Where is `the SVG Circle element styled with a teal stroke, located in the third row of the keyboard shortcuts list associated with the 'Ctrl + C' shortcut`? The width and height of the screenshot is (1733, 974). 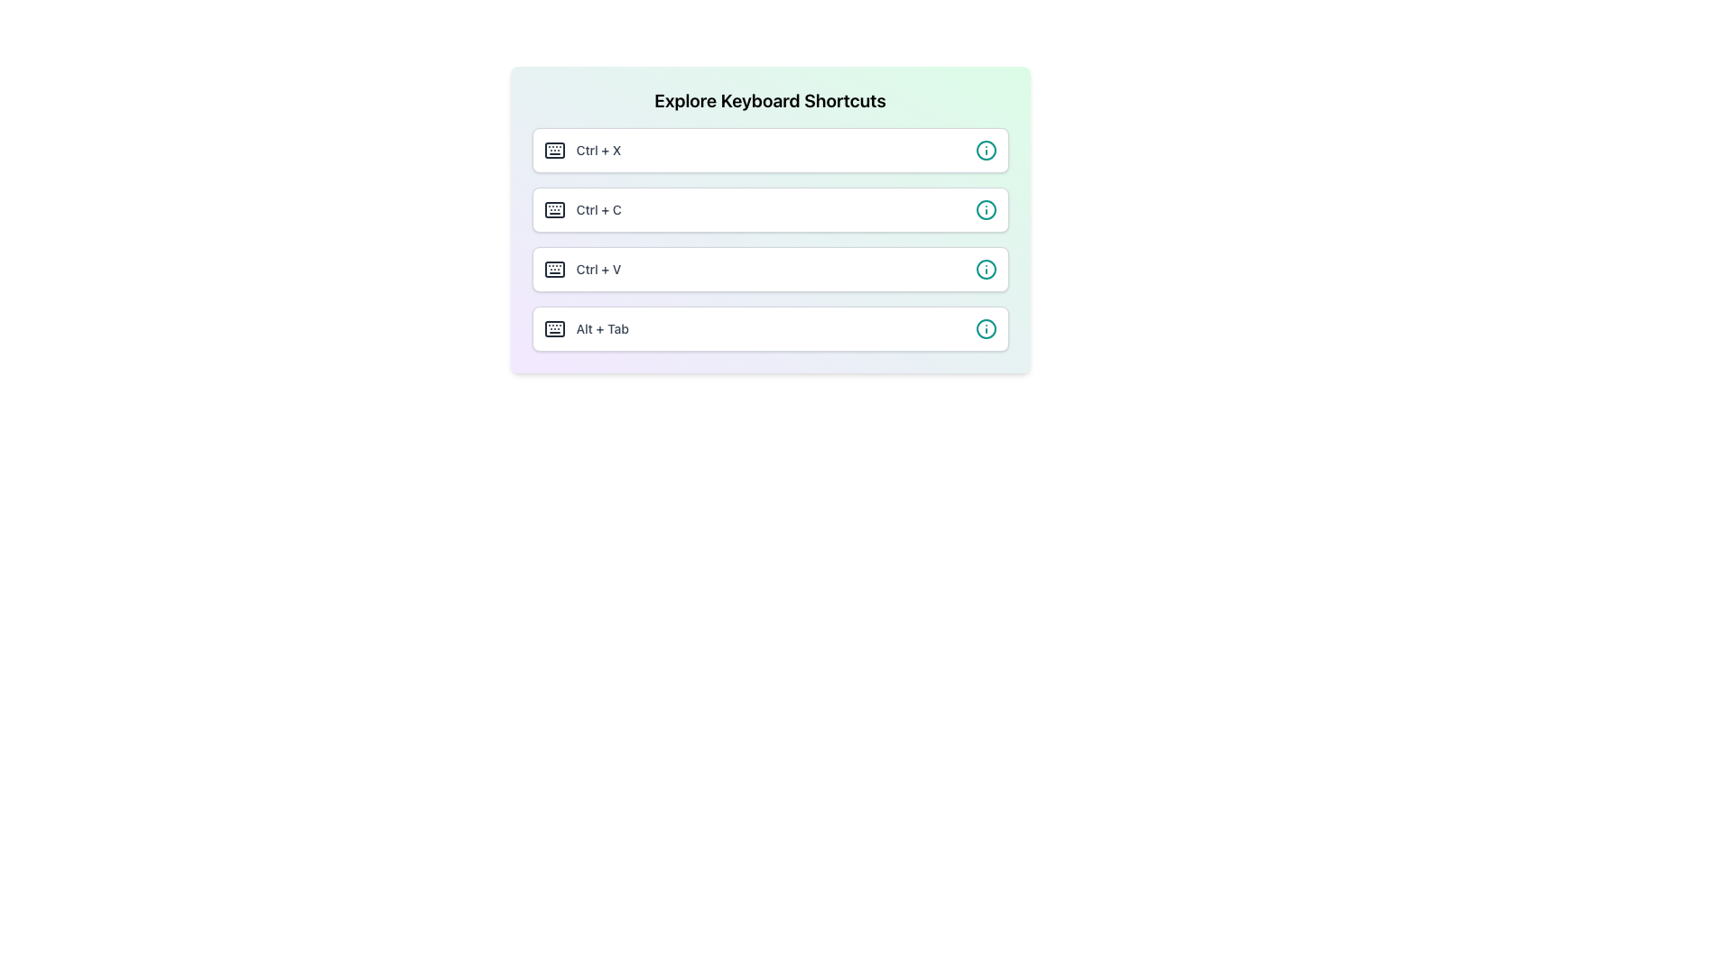
the SVG Circle element styled with a teal stroke, located in the third row of the keyboard shortcuts list associated with the 'Ctrl + C' shortcut is located at coordinates (985, 208).